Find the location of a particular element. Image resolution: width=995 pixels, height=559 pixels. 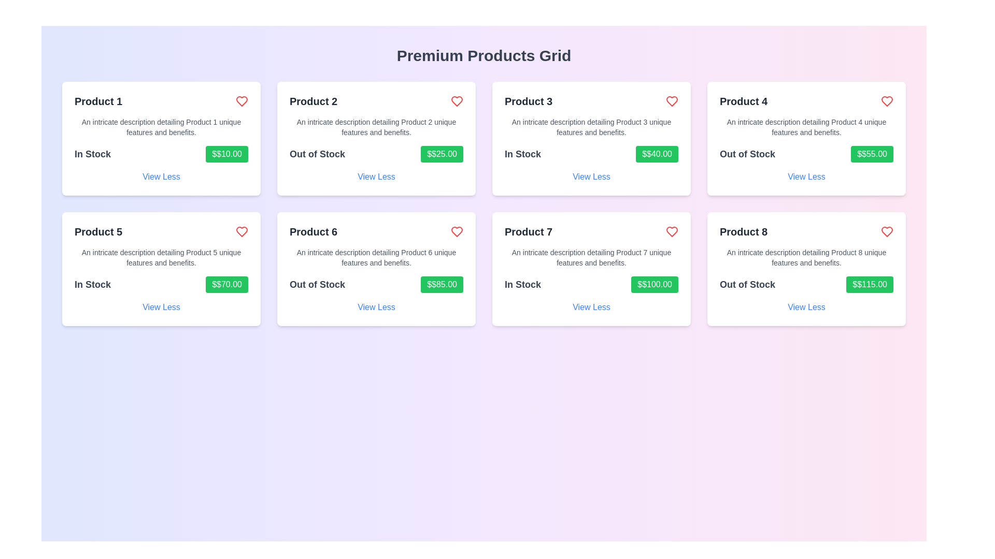

the 'View Less' text link, which is styled in blue and underlined when hovered, located at the bottom right of the 'Product 1' card, just below the green price label '$10.00' is located at coordinates (161, 176).